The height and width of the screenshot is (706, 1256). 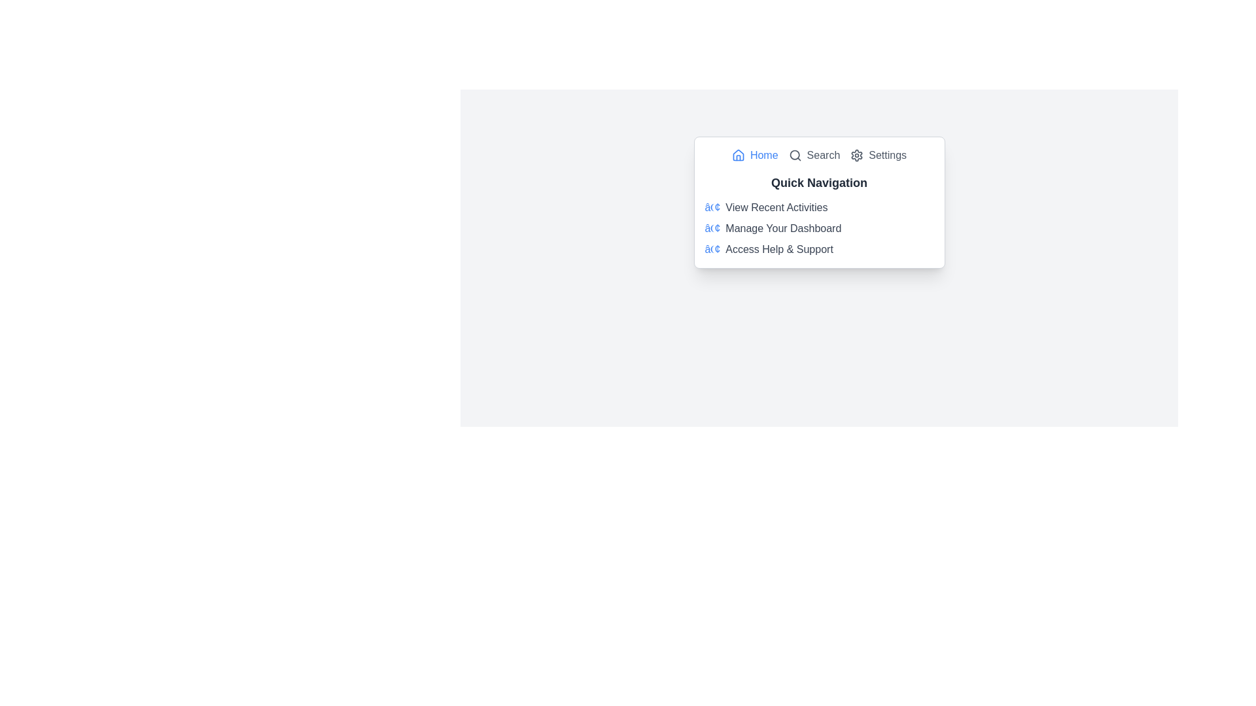 What do you see at coordinates (818, 228) in the screenshot?
I see `the '• Manage Your Dashboard' menu item, which is the second option in the 'Quick Navigation' vertical list, located below 'View Recent Activities' and above 'Access Help & Support'` at bounding box center [818, 228].